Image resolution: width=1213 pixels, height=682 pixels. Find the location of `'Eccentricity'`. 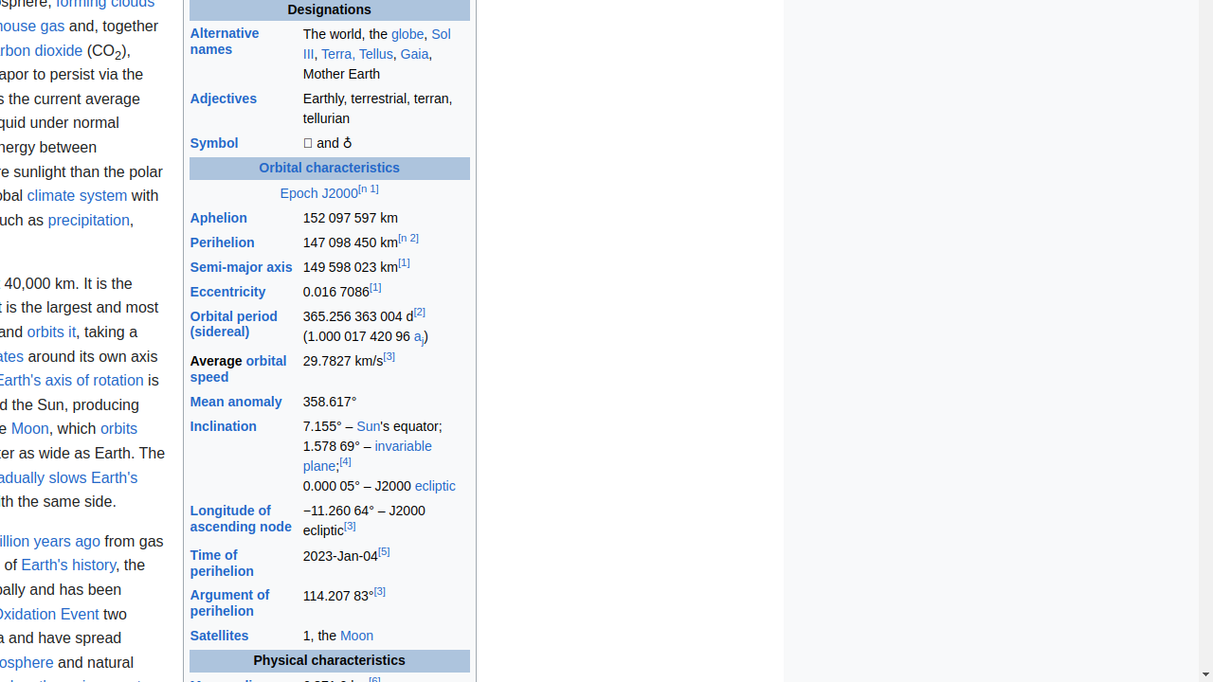

'Eccentricity' is located at coordinates (227, 292).